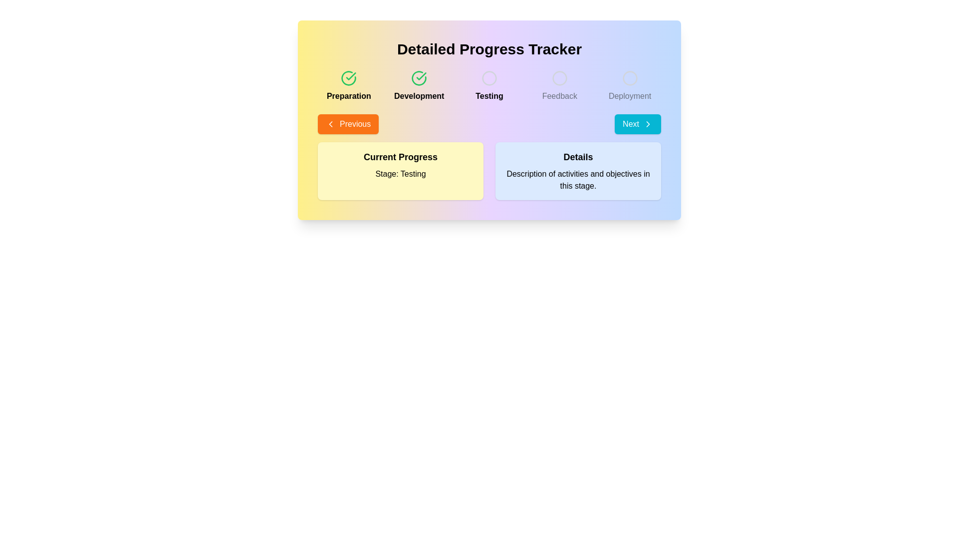 This screenshot has height=539, width=958. I want to click on the chevron arrow icon located to the immediate right of the 'Next' button text within the button component in the bottom right area of the central card, so click(648, 124).